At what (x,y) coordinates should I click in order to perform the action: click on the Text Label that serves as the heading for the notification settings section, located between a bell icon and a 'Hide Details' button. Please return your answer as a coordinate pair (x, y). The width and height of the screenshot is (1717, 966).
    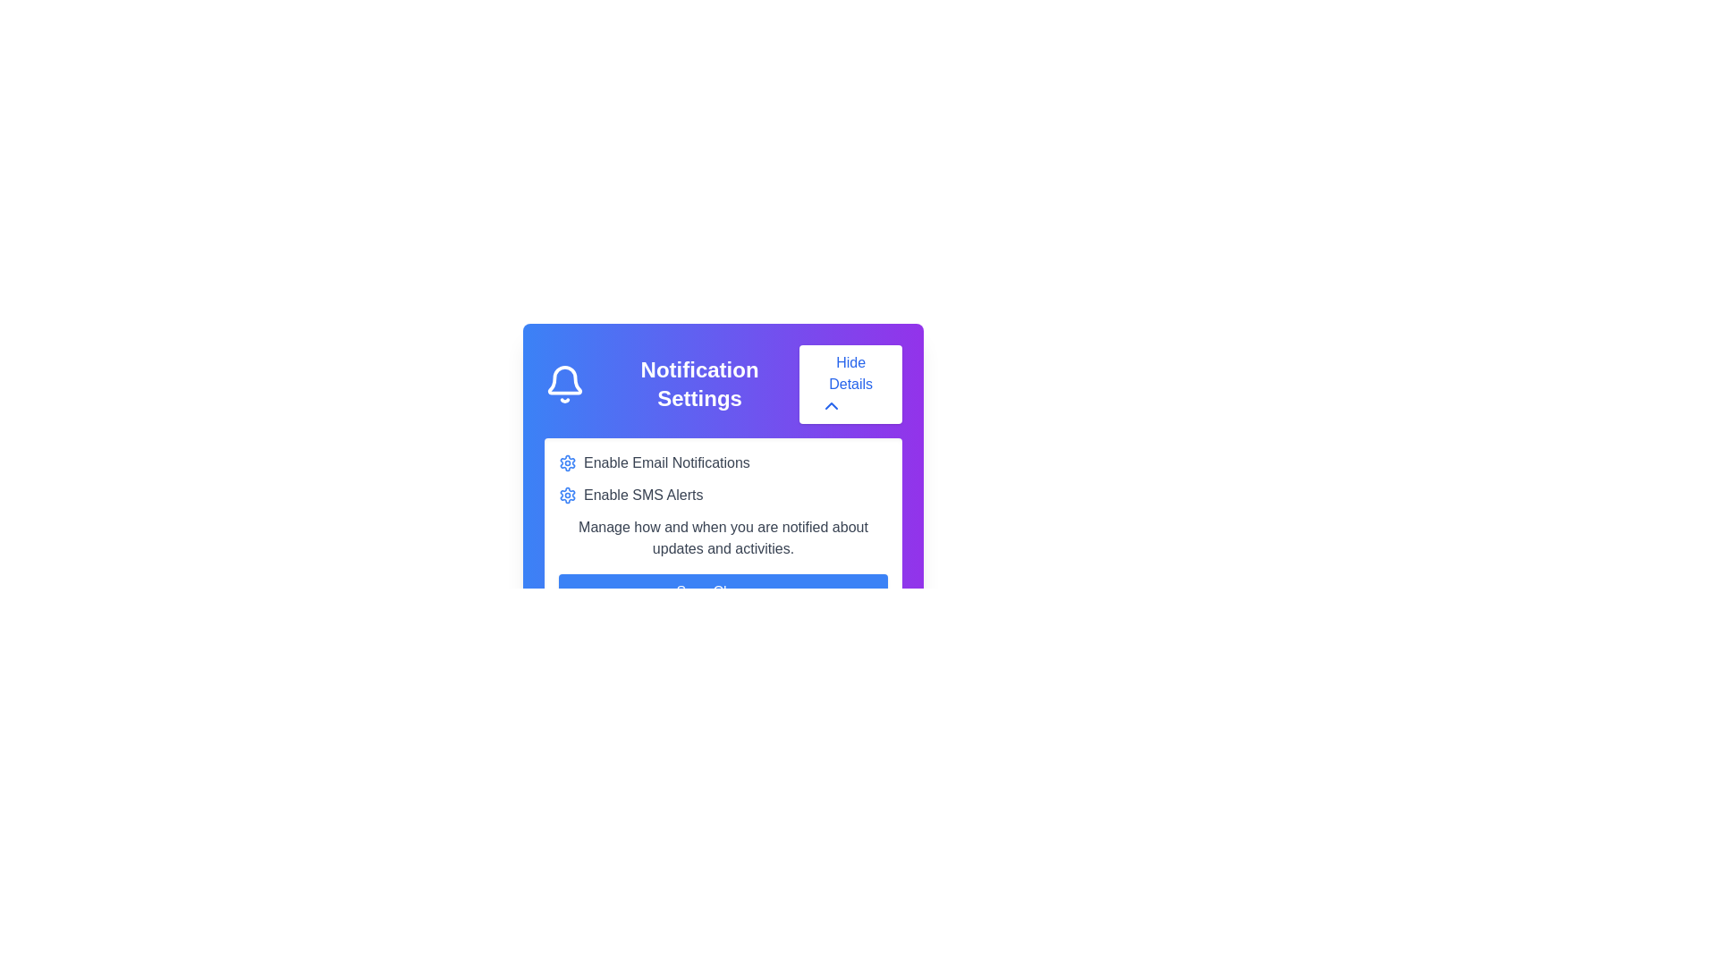
    Looking at the image, I should click on (698, 383).